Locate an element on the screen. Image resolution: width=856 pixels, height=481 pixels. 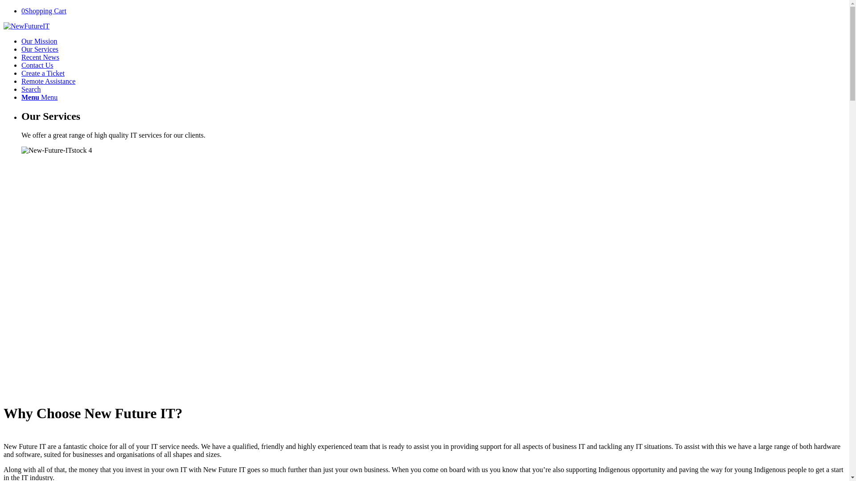
'0Shopping Cart' is located at coordinates (21, 11).